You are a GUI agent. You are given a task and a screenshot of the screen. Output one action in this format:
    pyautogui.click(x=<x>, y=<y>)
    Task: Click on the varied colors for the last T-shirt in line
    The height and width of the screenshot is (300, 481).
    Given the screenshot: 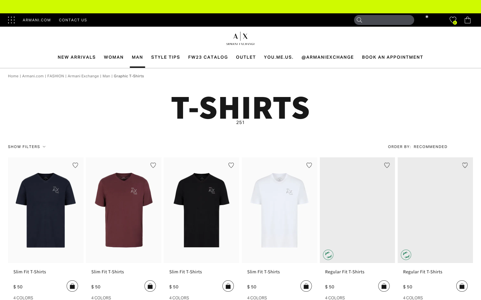 What is the action you would take?
    pyautogui.click(x=413, y=297)
    